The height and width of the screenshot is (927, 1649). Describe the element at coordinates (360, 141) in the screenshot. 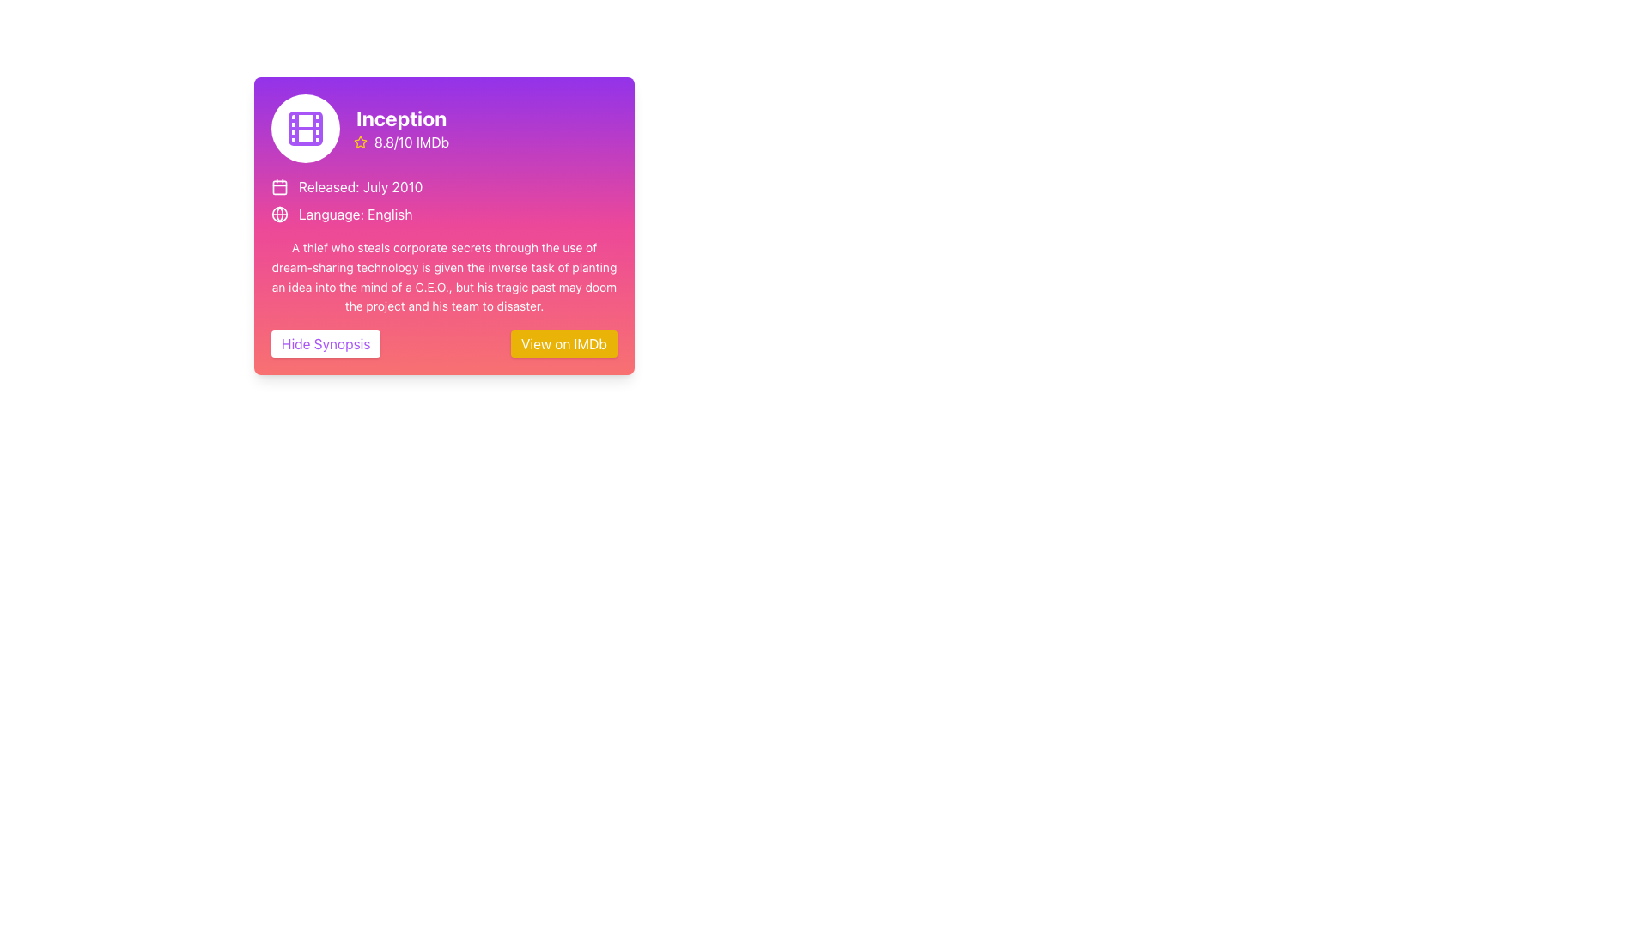

I see `the star-shaped icon with a yellow outline that is located to the left of the text '8.8/10 IMDb', part of a rating display` at that location.